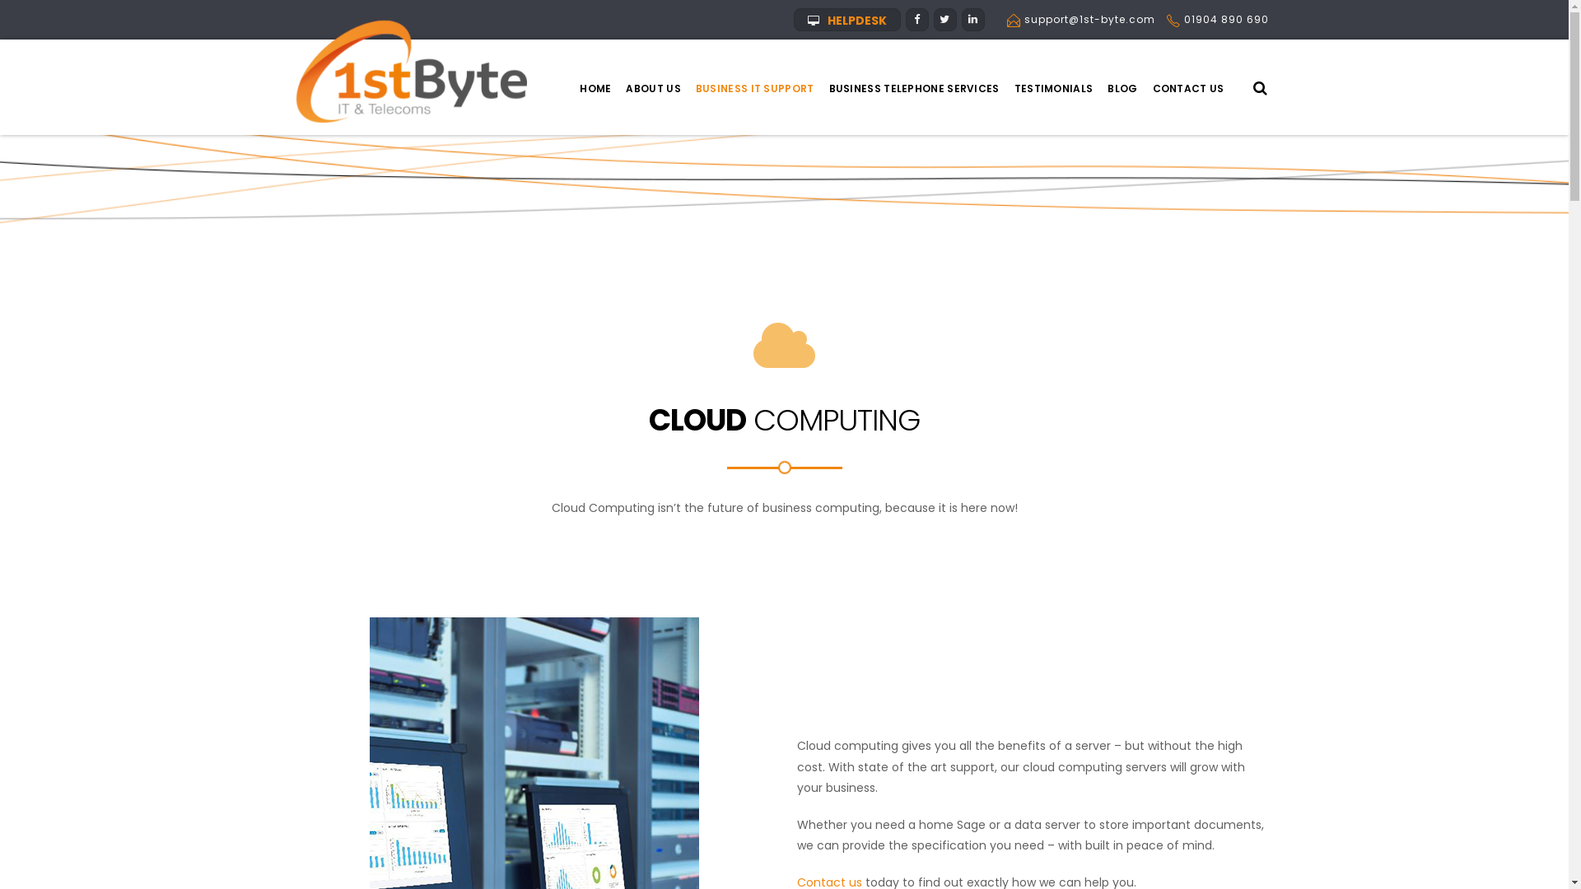 The height and width of the screenshot is (889, 1581). I want to click on 'TESTIMONIALS', so click(1054, 89).